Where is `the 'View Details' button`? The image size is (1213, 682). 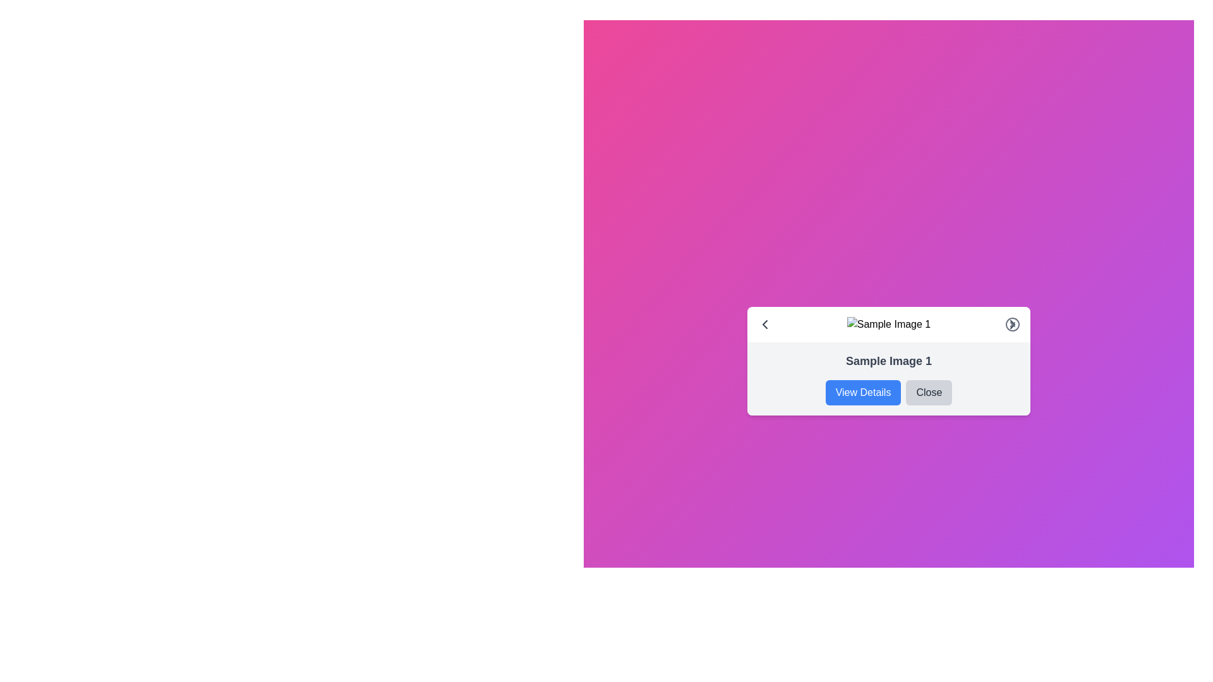
the 'View Details' button is located at coordinates (862, 392).